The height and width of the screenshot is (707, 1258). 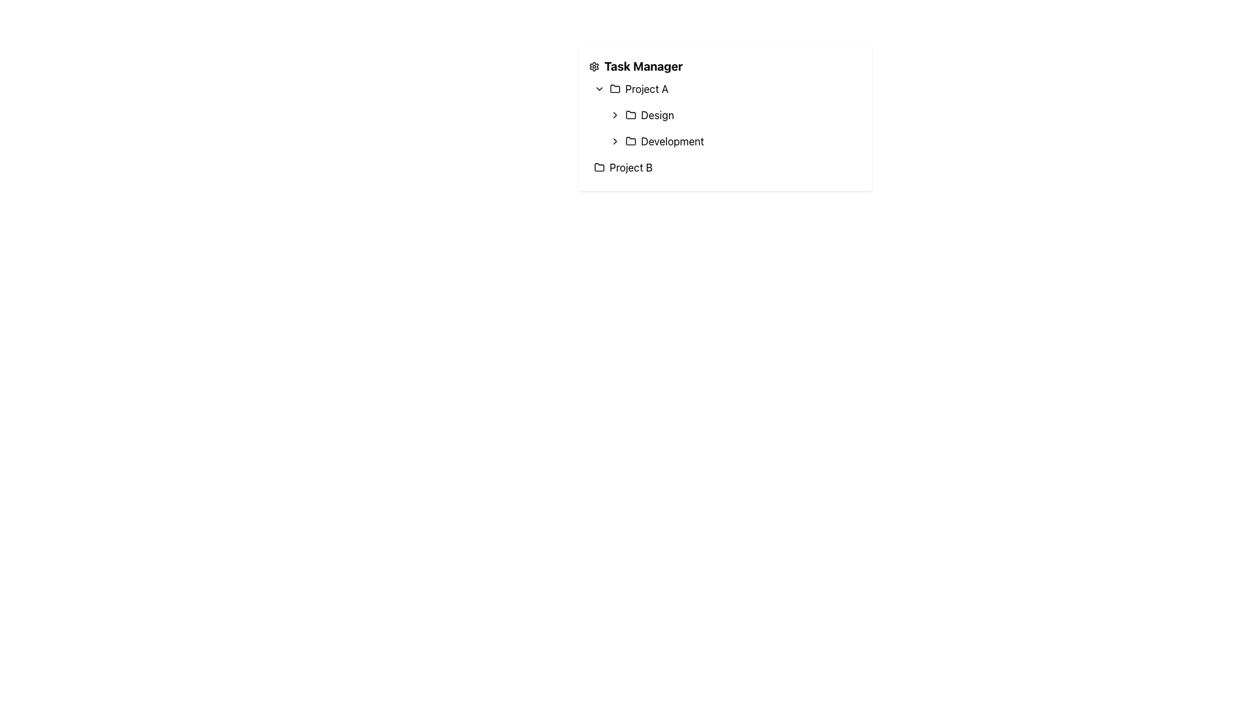 I want to click on the gear icon element used for settings, located at the top-left area of the interface next to the title 'Task Manager', so click(x=593, y=66).